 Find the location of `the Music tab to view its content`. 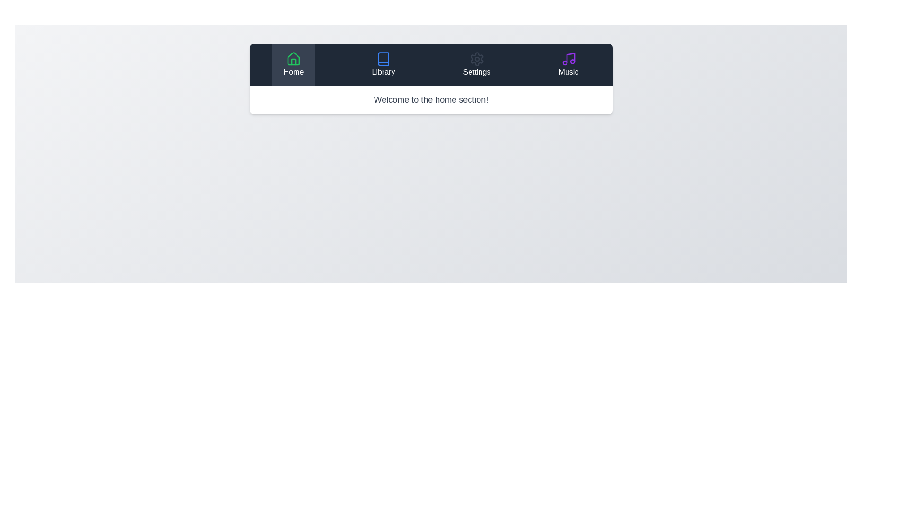

the Music tab to view its content is located at coordinates (568, 64).